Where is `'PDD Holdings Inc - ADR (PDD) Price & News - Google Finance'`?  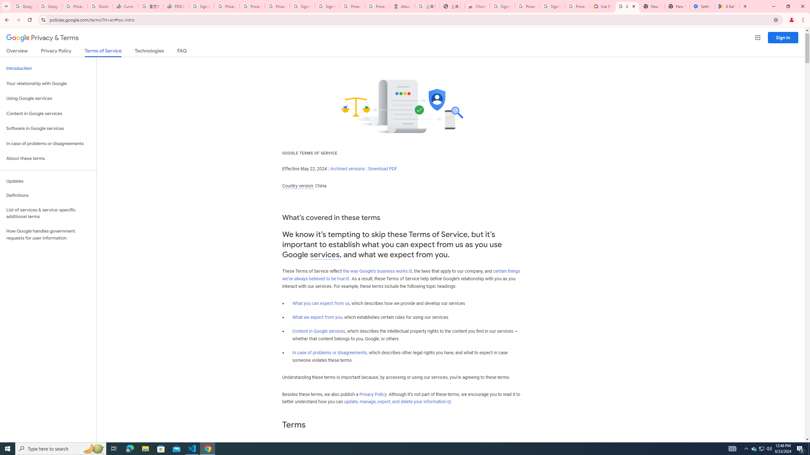
'PDD Holdings Inc - ADR (PDD) Price & News - Google Finance' is located at coordinates (176, 6).